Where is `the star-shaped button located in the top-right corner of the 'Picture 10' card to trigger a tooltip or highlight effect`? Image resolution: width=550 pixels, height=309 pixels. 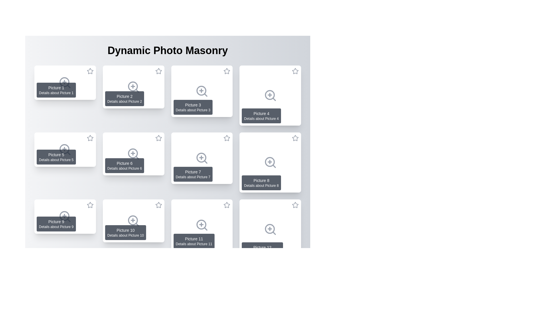 the star-shaped button located in the top-right corner of the 'Picture 10' card to trigger a tooltip or highlight effect is located at coordinates (158, 205).